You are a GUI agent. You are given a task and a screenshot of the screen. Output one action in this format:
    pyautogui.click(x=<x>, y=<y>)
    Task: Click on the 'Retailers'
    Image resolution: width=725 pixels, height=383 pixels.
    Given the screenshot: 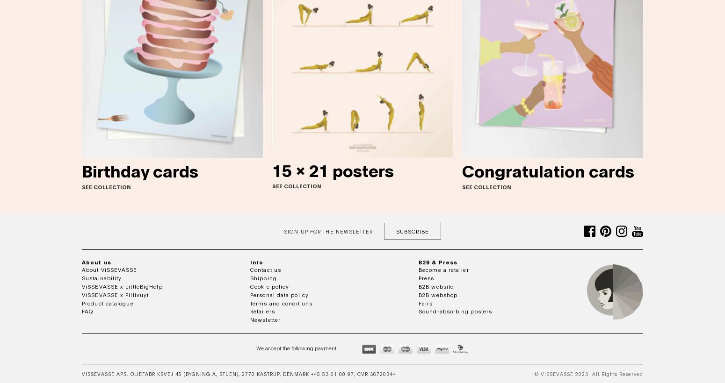 What is the action you would take?
    pyautogui.click(x=262, y=311)
    